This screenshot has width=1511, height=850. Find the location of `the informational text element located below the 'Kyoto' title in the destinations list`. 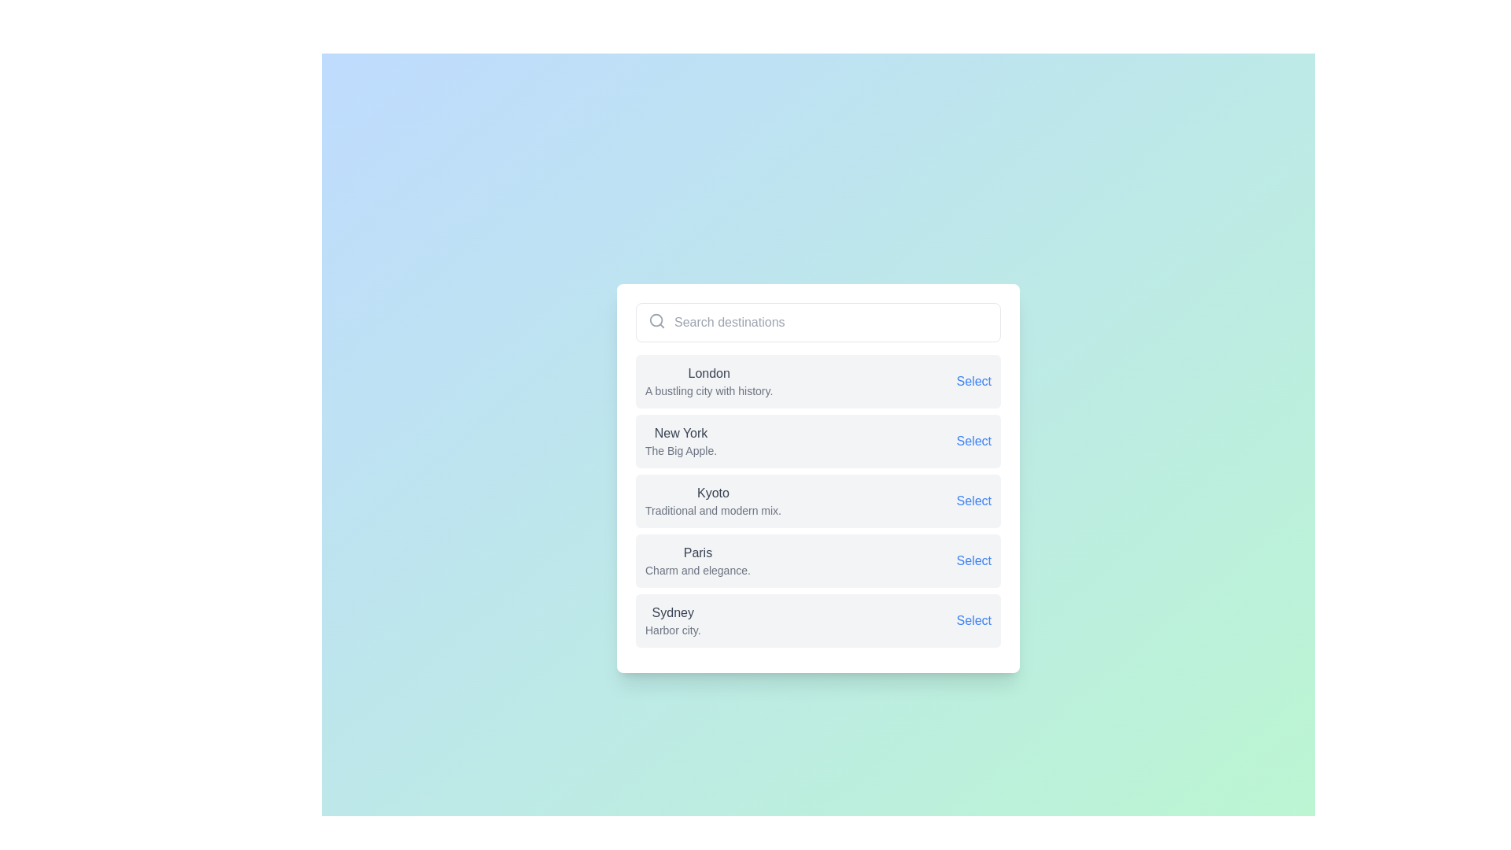

the informational text element located below the 'Kyoto' title in the destinations list is located at coordinates (712, 510).